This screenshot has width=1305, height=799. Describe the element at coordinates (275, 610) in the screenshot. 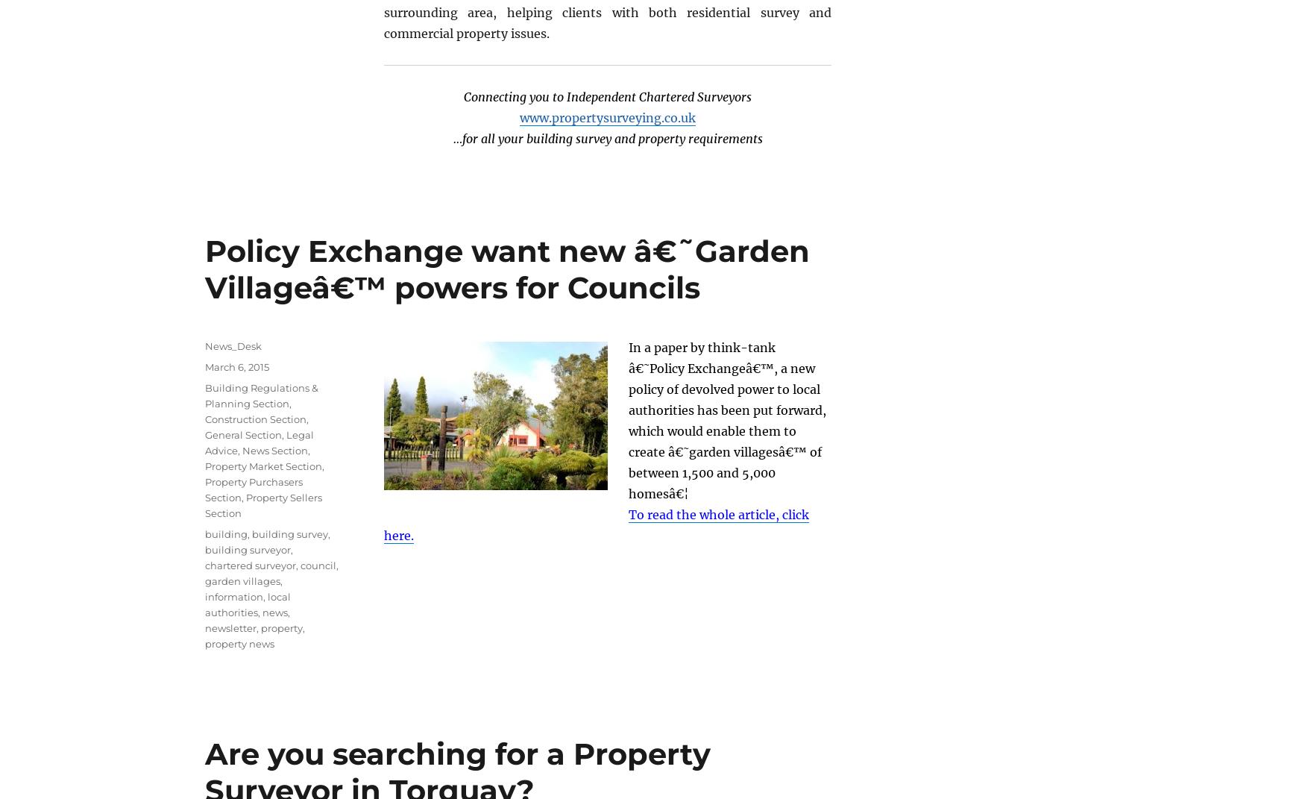

I see `'news'` at that location.